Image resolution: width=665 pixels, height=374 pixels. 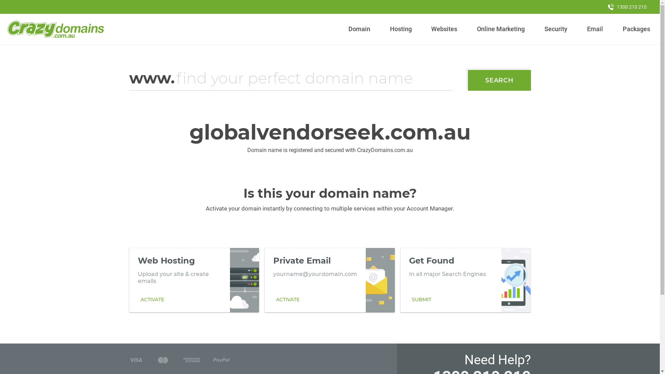 I want to click on 'Websites', so click(x=444, y=29).